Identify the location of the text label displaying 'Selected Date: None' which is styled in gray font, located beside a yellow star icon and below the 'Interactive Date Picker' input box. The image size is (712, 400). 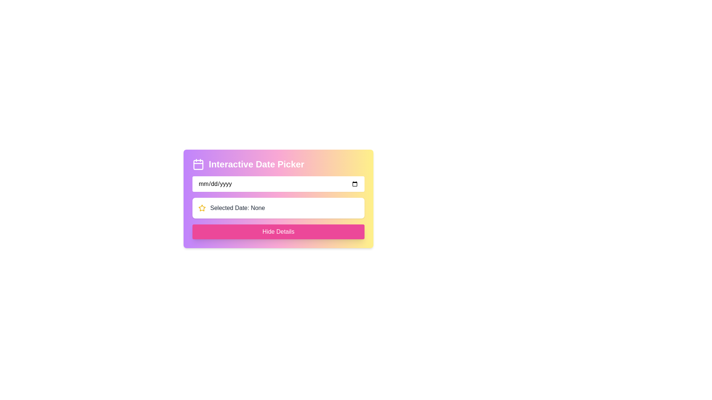
(237, 208).